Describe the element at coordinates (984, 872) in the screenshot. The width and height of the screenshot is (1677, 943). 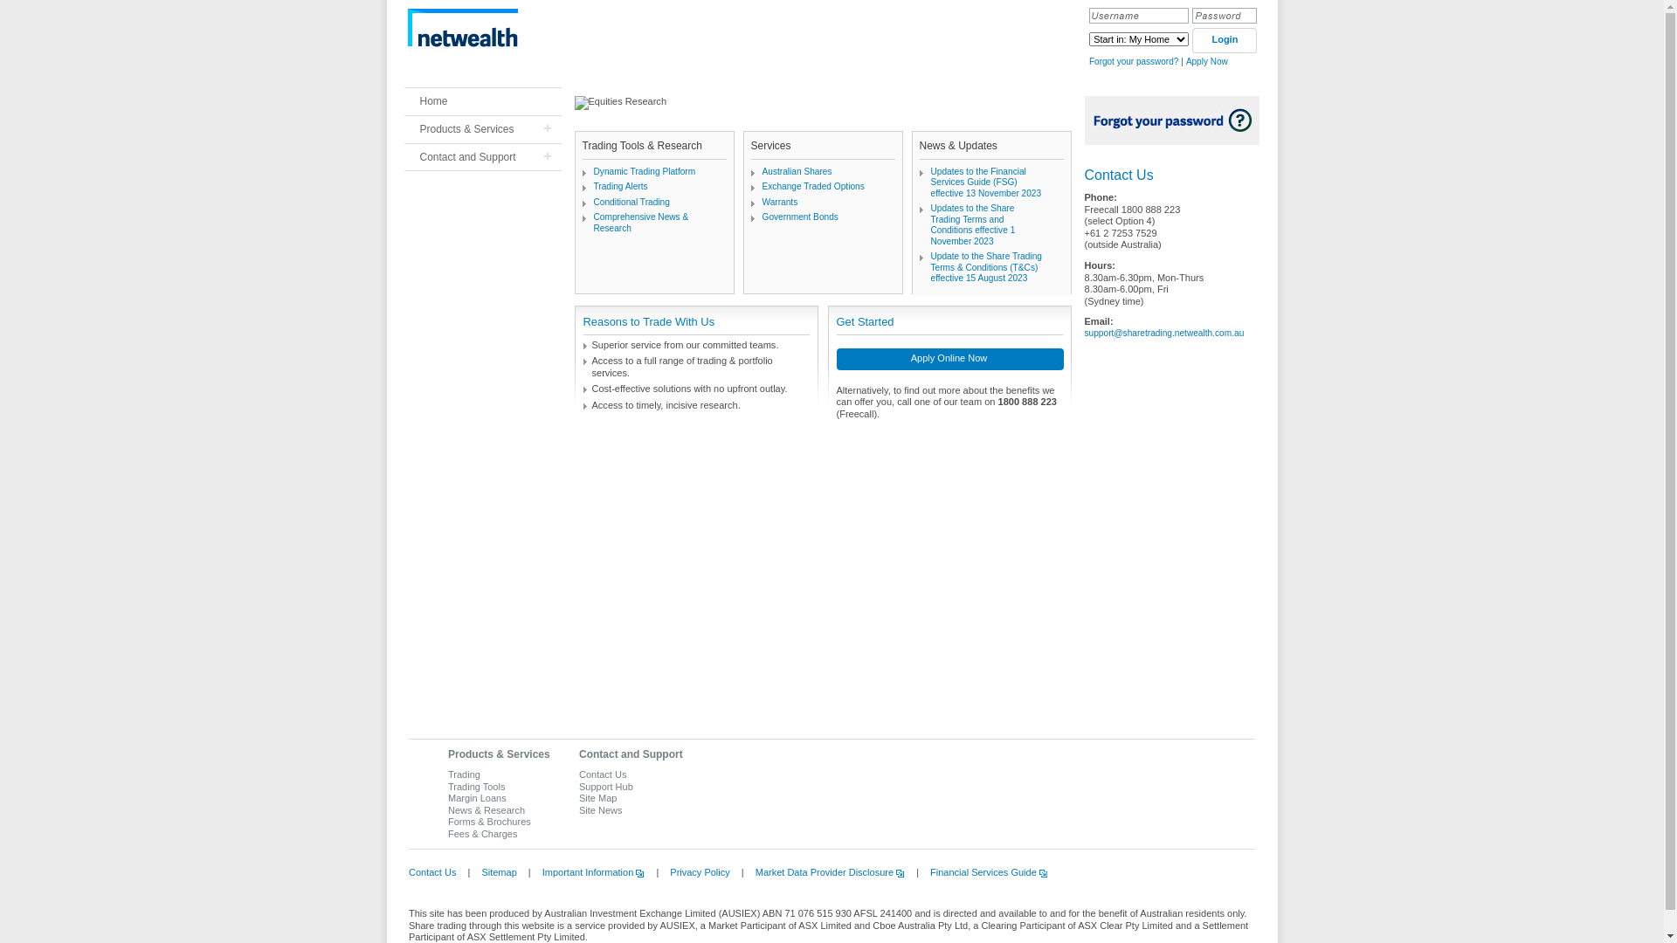
I see `'Financial Services Guide'` at that location.